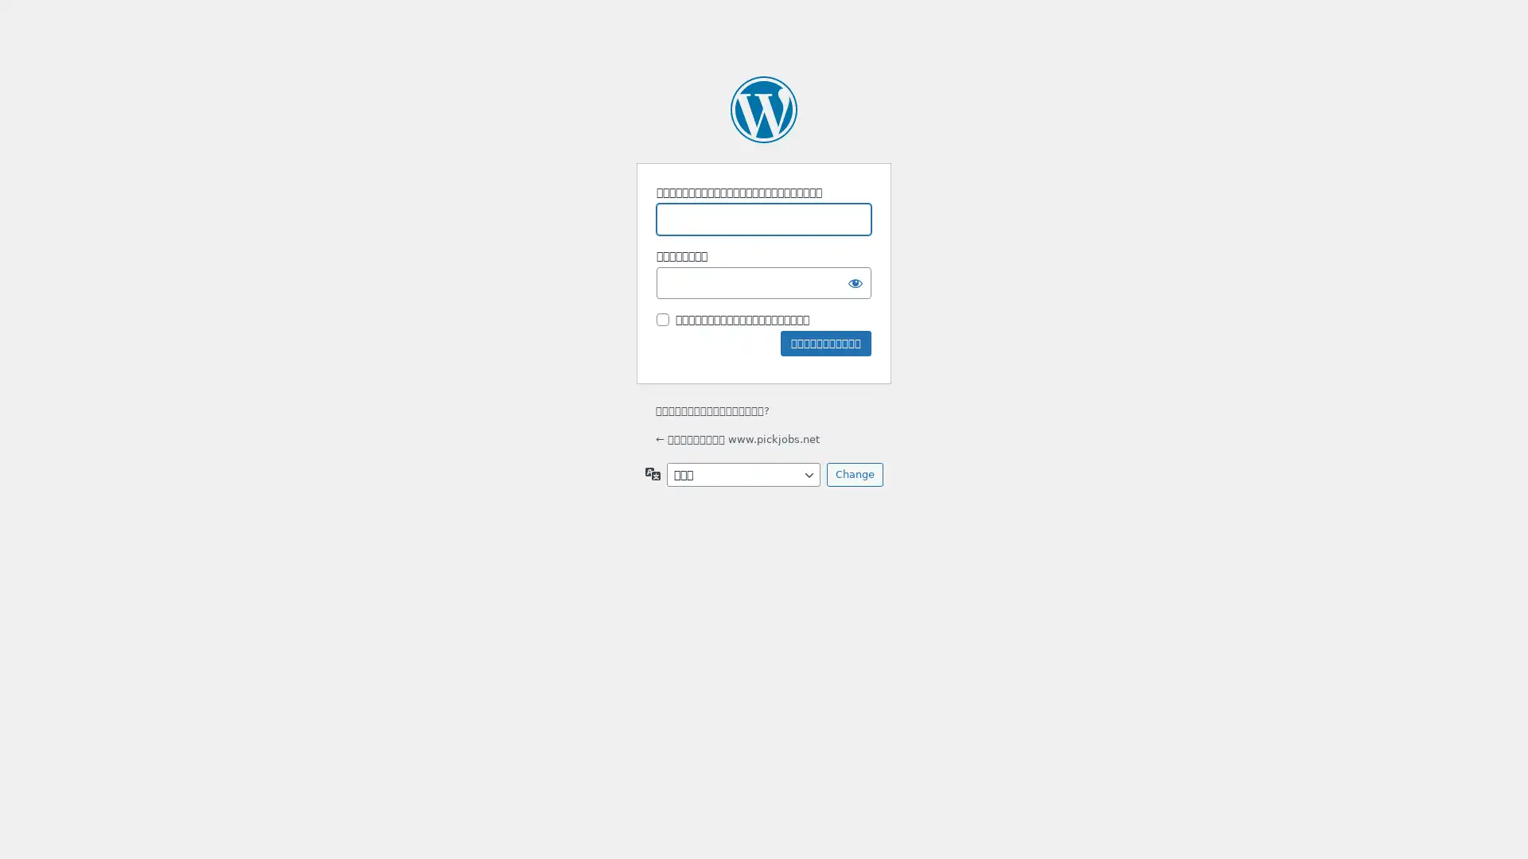  Describe the element at coordinates (853, 474) in the screenshot. I see `Change` at that location.